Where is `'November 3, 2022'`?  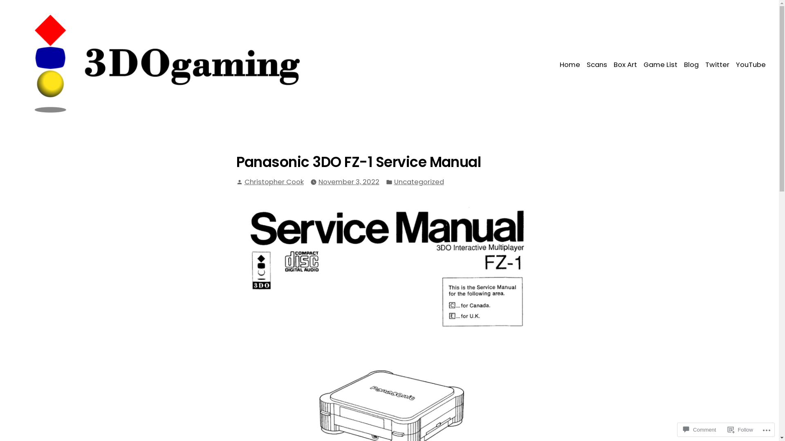
'November 3, 2022' is located at coordinates (348, 182).